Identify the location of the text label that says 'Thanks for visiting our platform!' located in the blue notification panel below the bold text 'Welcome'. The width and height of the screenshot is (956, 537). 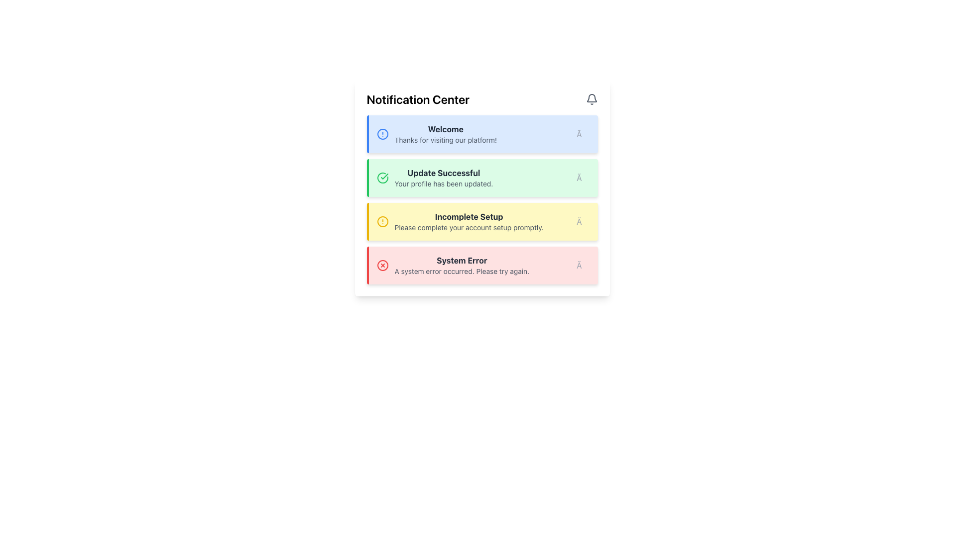
(445, 140).